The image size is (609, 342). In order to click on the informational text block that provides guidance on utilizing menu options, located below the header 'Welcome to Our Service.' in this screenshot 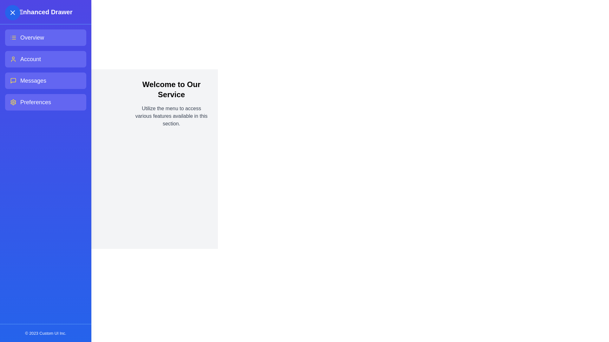, I will do `click(171, 116)`.